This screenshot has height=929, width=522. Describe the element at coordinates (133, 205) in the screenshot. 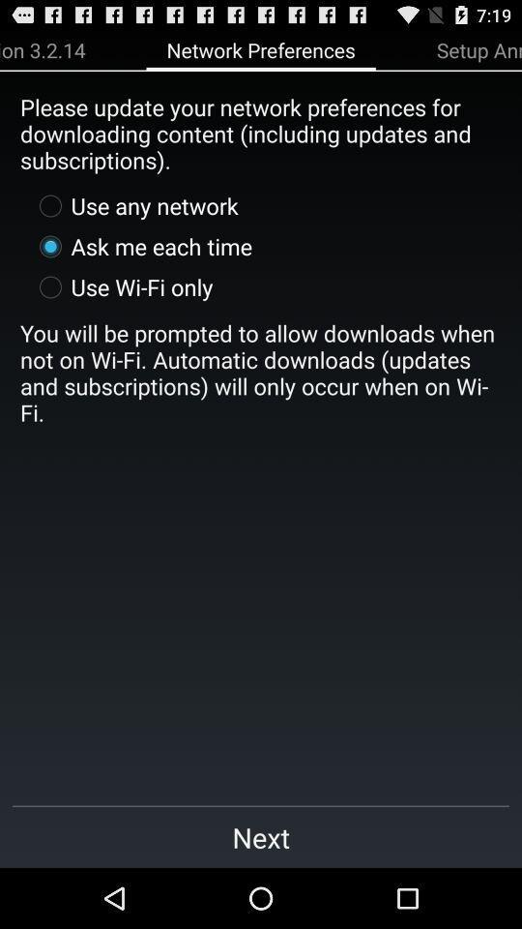

I see `item below please update your app` at that location.